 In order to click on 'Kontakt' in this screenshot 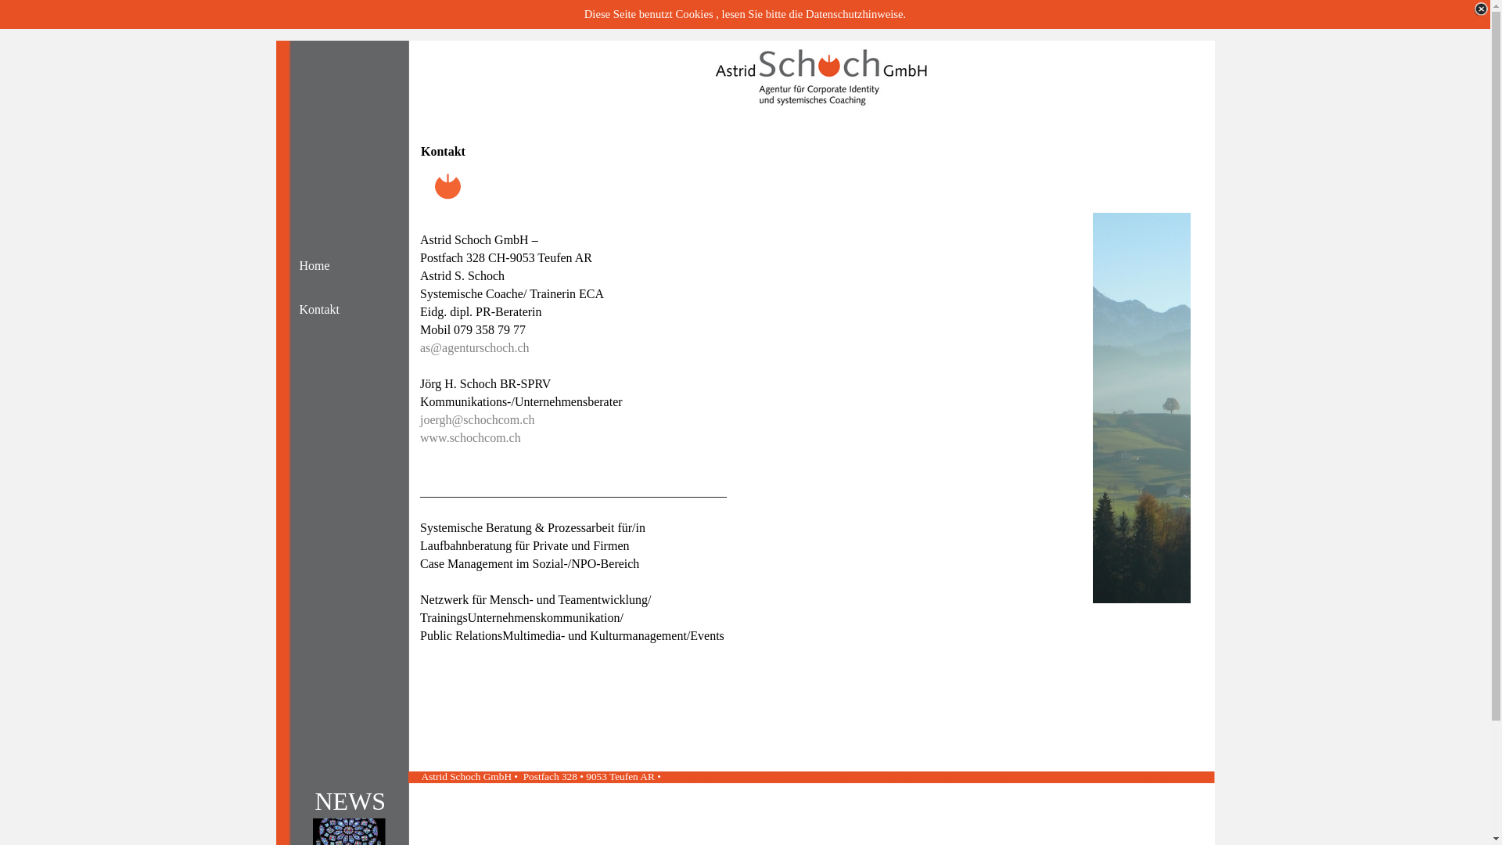, I will do `click(337, 310)`.